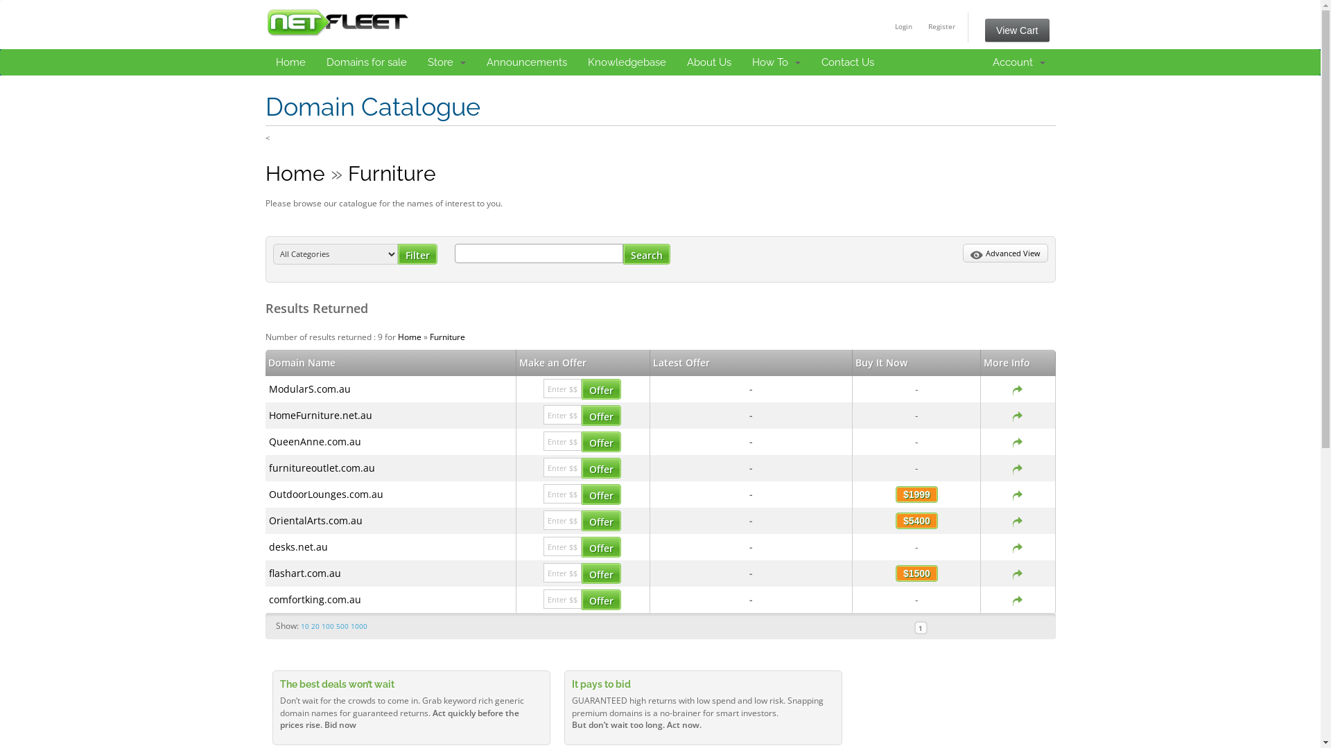 This screenshot has width=1331, height=748. Describe the element at coordinates (366, 61) in the screenshot. I see `'Domains for sale'` at that location.